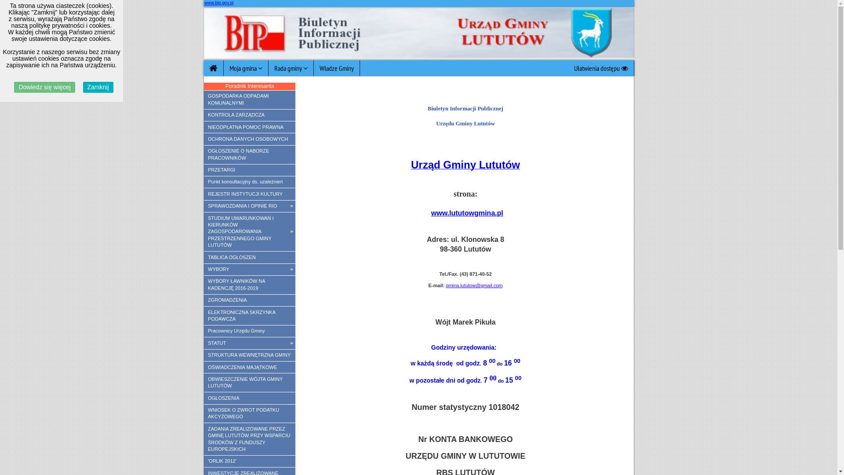  Describe the element at coordinates (245, 67) in the screenshot. I see `'Moja gmina'` at that location.